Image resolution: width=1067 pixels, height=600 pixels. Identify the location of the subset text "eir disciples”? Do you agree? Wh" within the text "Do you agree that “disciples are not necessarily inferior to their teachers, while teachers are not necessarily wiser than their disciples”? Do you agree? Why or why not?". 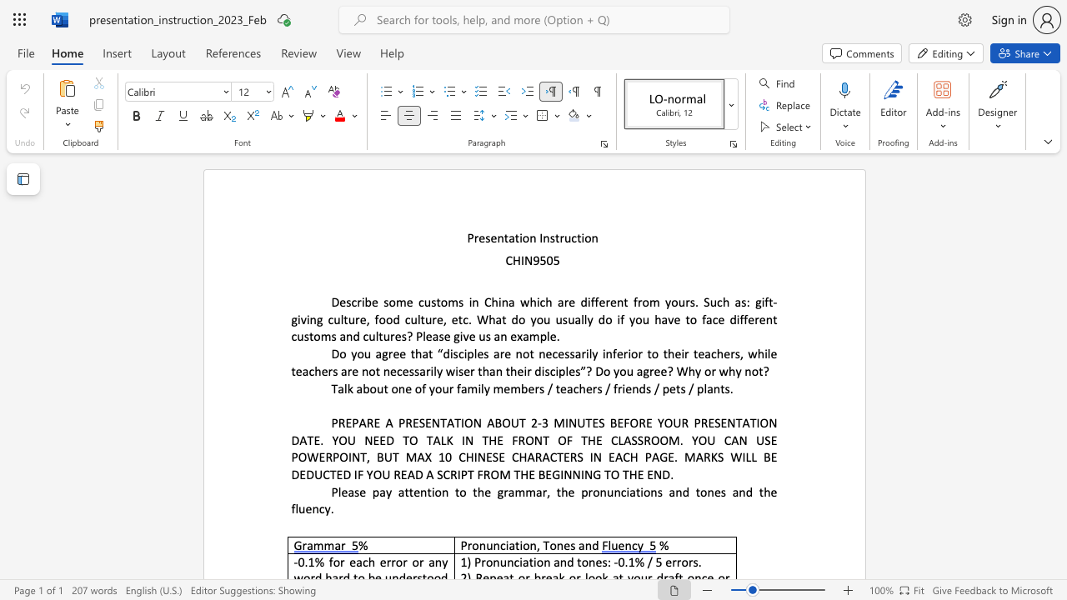
(516, 370).